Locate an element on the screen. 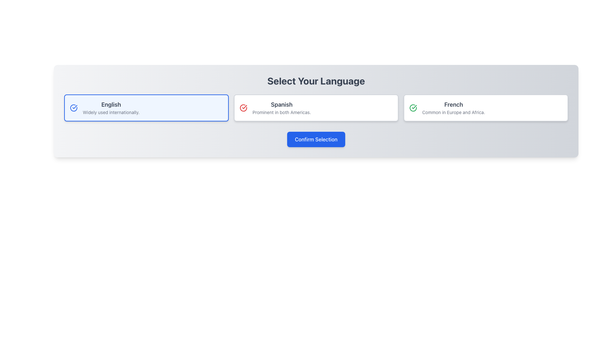 Image resolution: width=616 pixels, height=347 pixels. the green circular icon with a checkmark located in the 'French' language selection card to confirm the language selection is located at coordinates (413, 107).